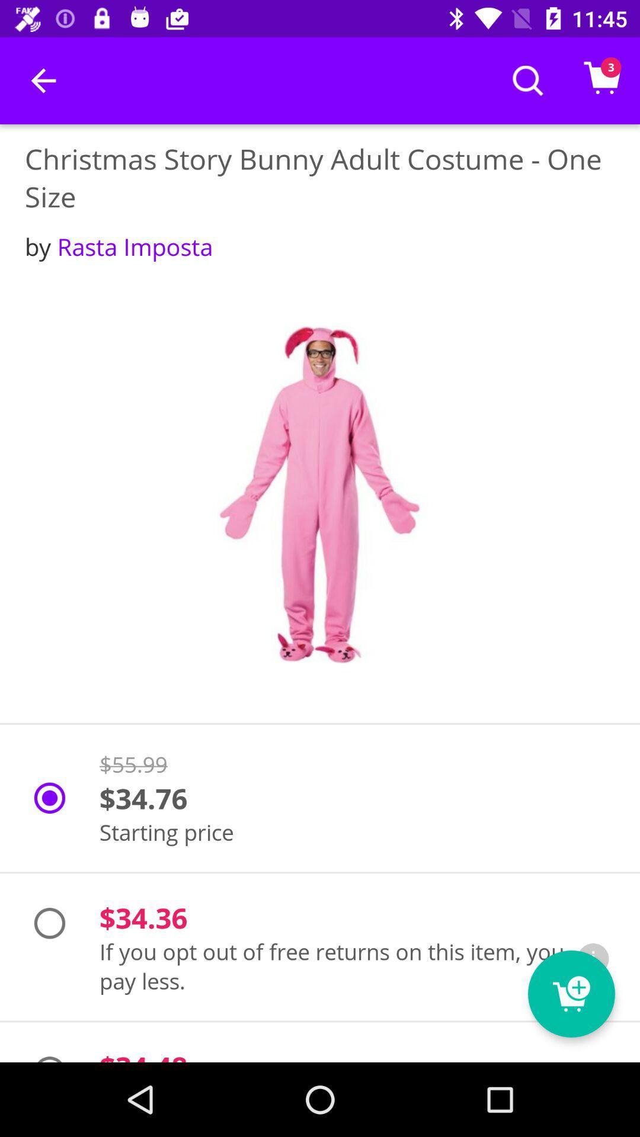  Describe the element at coordinates (593, 959) in the screenshot. I see `icon to the right of the if you opt` at that location.